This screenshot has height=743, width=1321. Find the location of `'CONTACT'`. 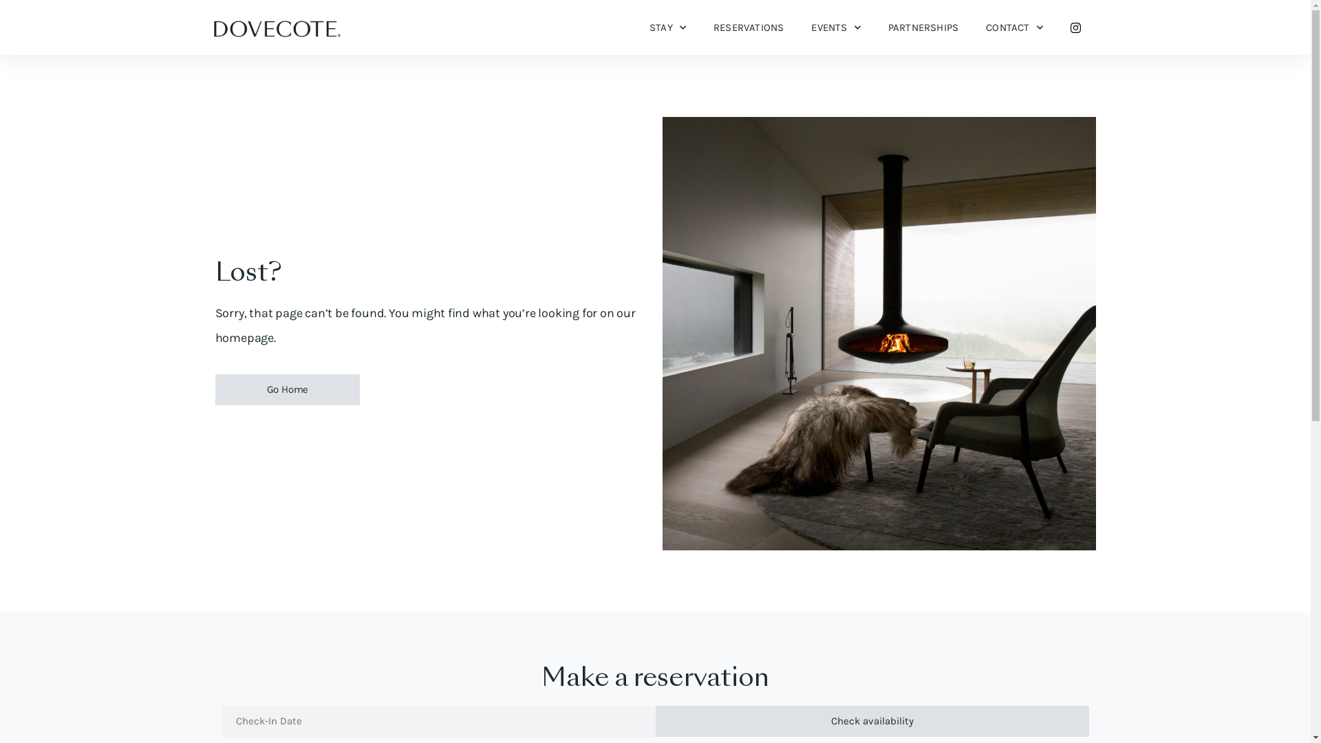

'CONTACT' is located at coordinates (1014, 27).